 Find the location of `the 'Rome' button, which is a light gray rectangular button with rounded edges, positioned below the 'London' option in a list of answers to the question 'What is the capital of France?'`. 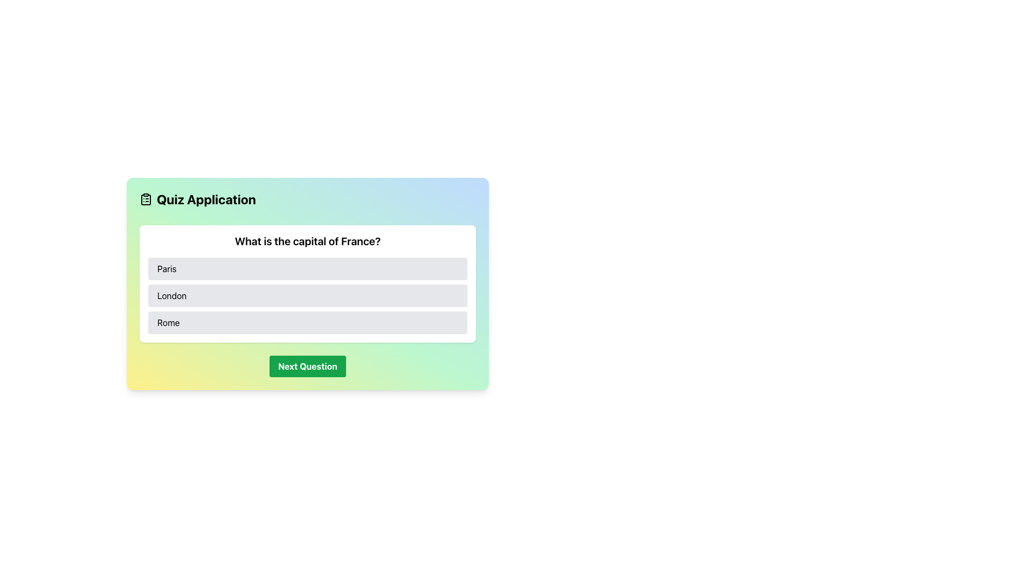

the 'Rome' button, which is a light gray rectangular button with rounded edges, positioned below the 'London' option in a list of answers to the question 'What is the capital of France?' is located at coordinates (307, 322).